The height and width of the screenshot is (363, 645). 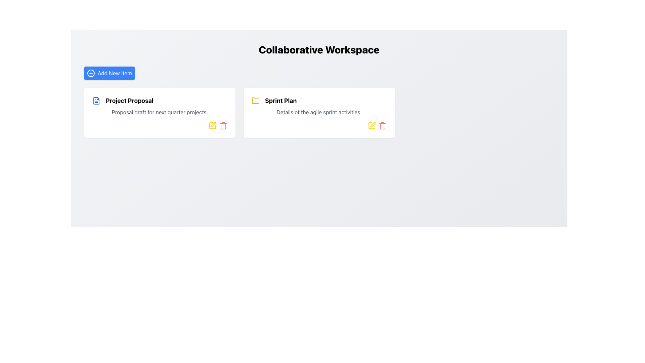 What do you see at coordinates (90, 73) in the screenshot?
I see `the filled circular shape of the 'plus inside a circle' icon located at the top left of the 'Add New Item' blue button` at bounding box center [90, 73].